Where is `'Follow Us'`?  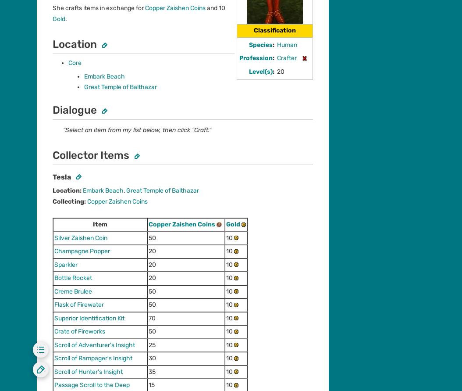
'Follow Us' is located at coordinates (36, 104).